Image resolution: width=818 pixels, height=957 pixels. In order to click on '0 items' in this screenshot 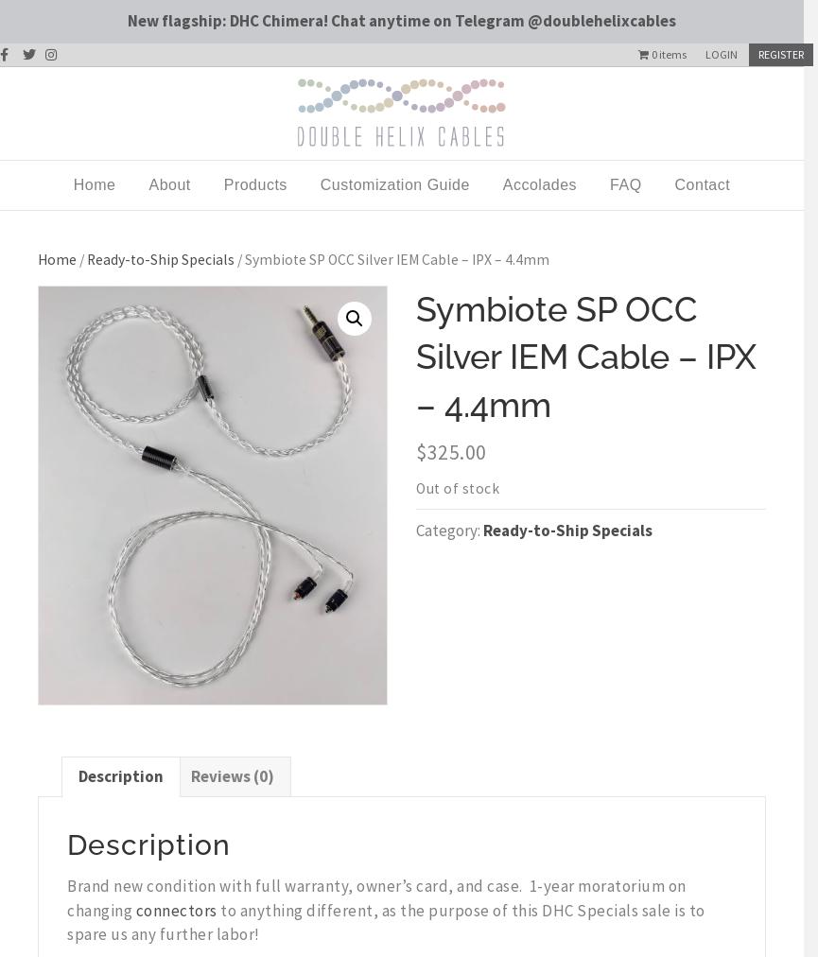, I will do `click(669, 52)`.